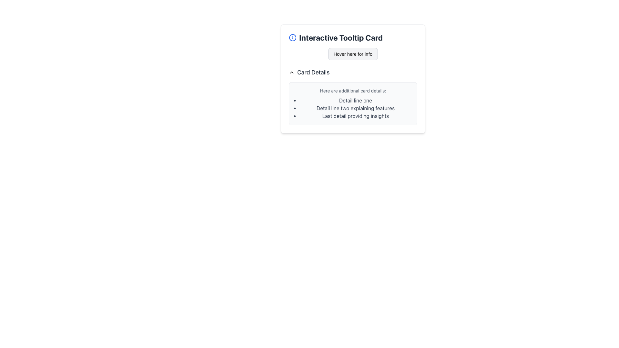  Describe the element at coordinates (355, 115) in the screenshot. I see `informational text located at the bottom of the bullet points under 'Card Details', specifically the third item in the list` at that location.